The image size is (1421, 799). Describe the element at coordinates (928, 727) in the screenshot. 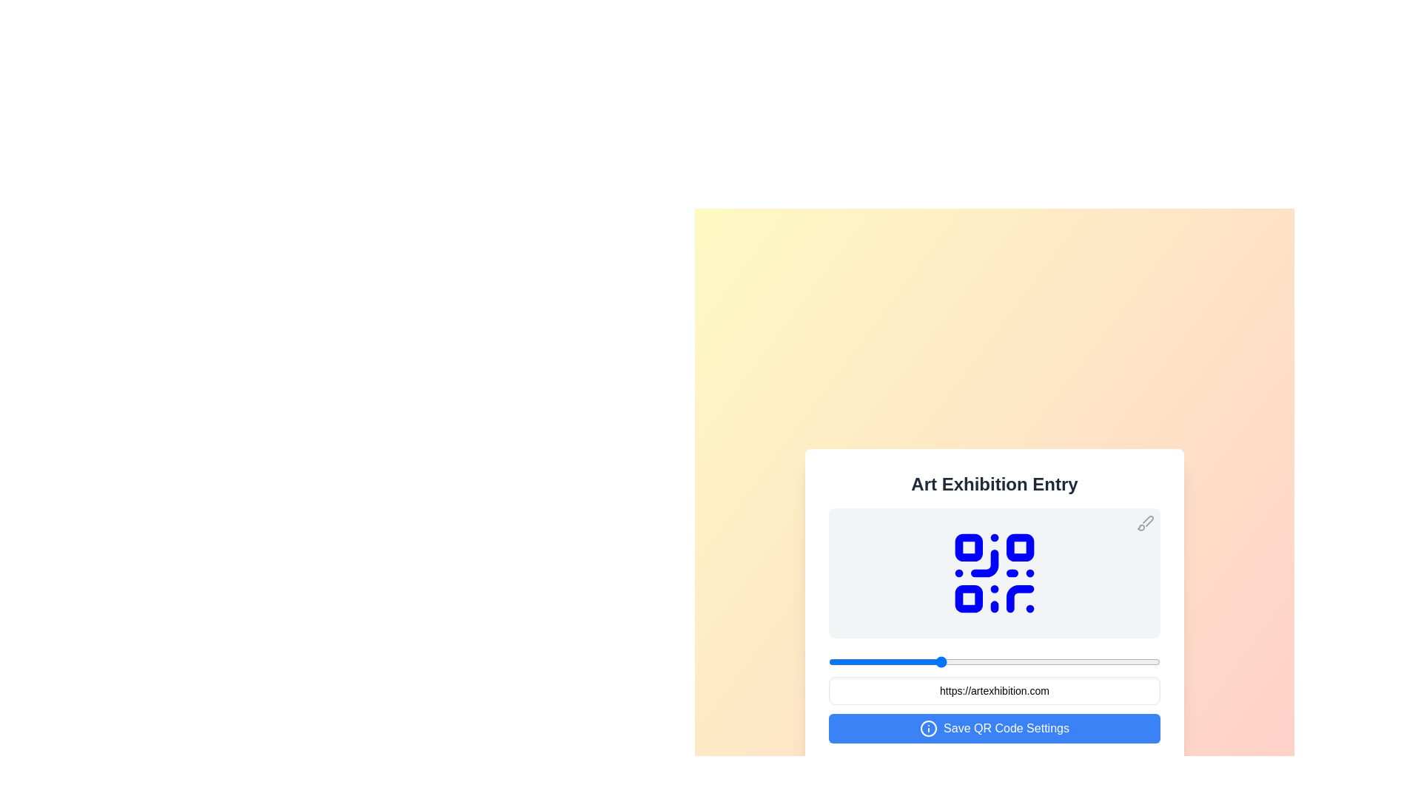

I see `the 'Save QR Code Settings' button that contains the blue information icon on its left side` at that location.